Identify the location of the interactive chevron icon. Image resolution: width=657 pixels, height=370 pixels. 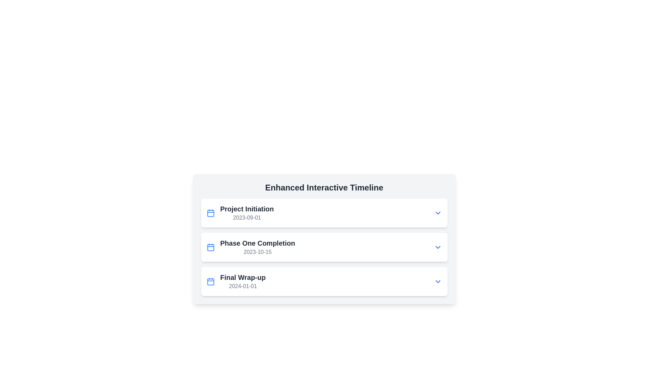
(437, 247).